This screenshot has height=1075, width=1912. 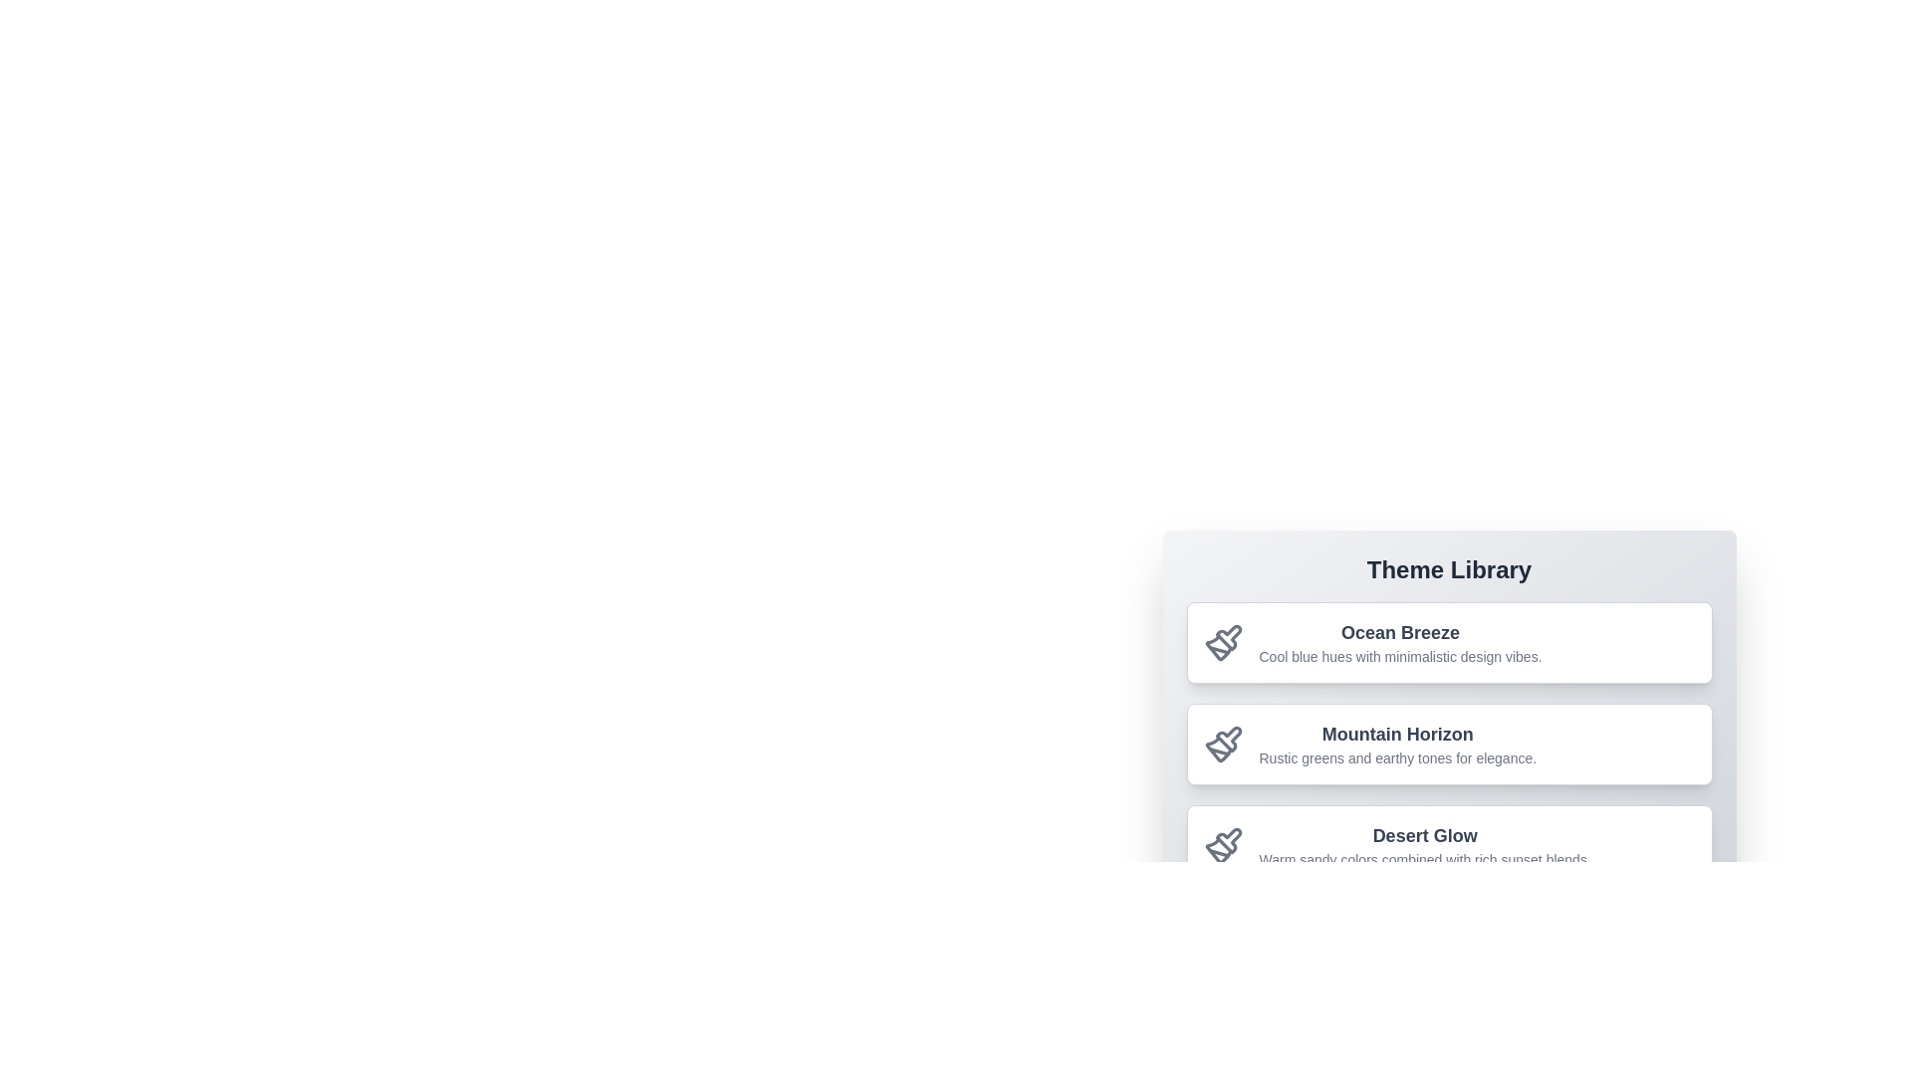 I want to click on the theme Ocean Breeze by clicking on its corresponding list item, so click(x=1449, y=642).